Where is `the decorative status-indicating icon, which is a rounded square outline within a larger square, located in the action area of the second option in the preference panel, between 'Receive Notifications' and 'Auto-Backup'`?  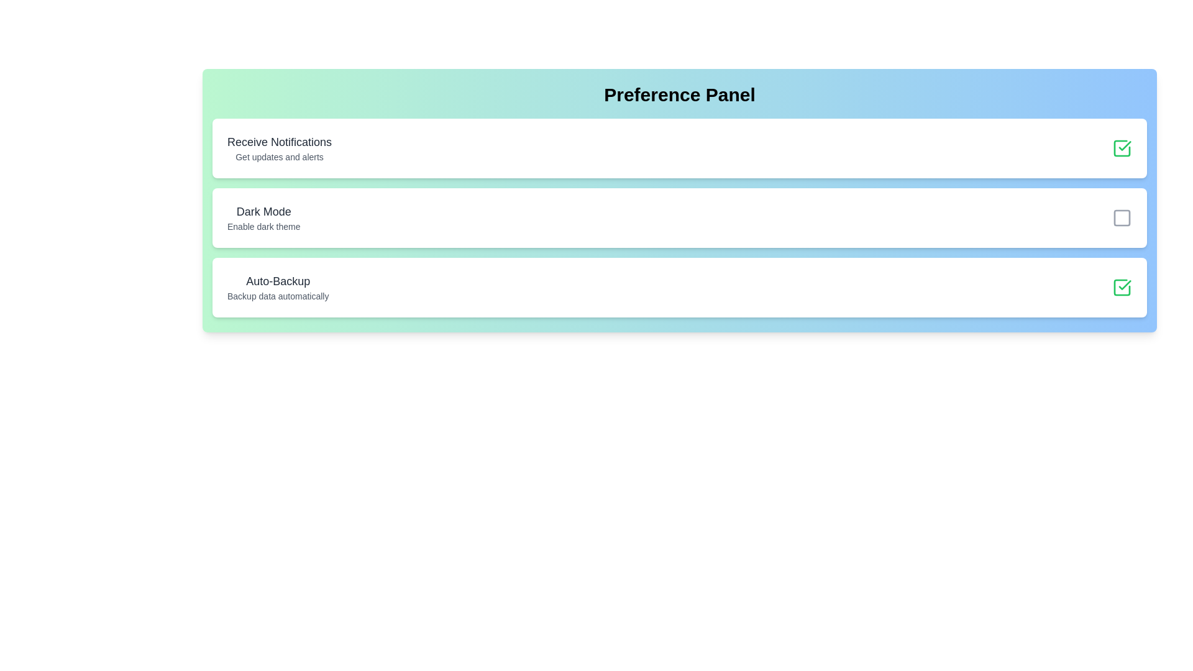 the decorative status-indicating icon, which is a rounded square outline within a larger square, located in the action area of the second option in the preference panel, between 'Receive Notifications' and 'Auto-Backup' is located at coordinates (1122, 217).